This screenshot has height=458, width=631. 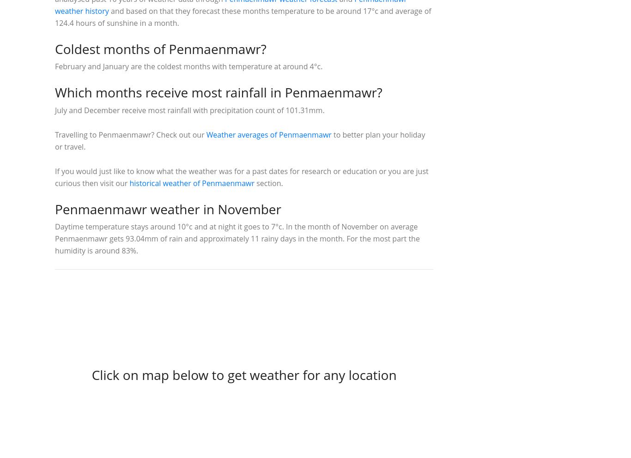 I want to click on 'Coldest months of Penmaenmawr?', so click(x=160, y=48).